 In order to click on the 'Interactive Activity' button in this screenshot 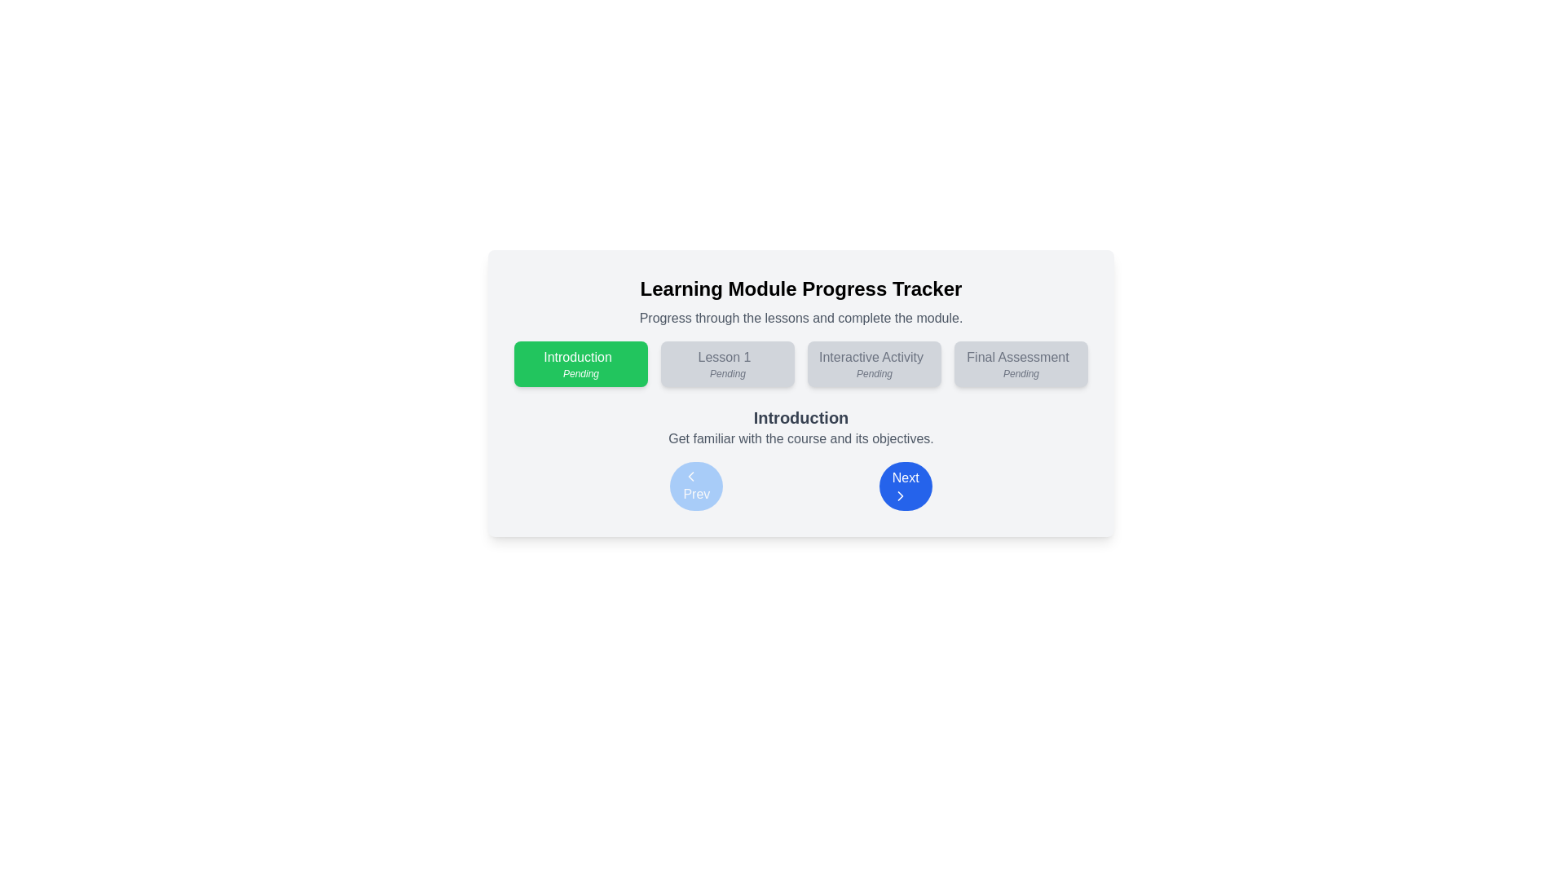, I will do `click(874, 363)`.